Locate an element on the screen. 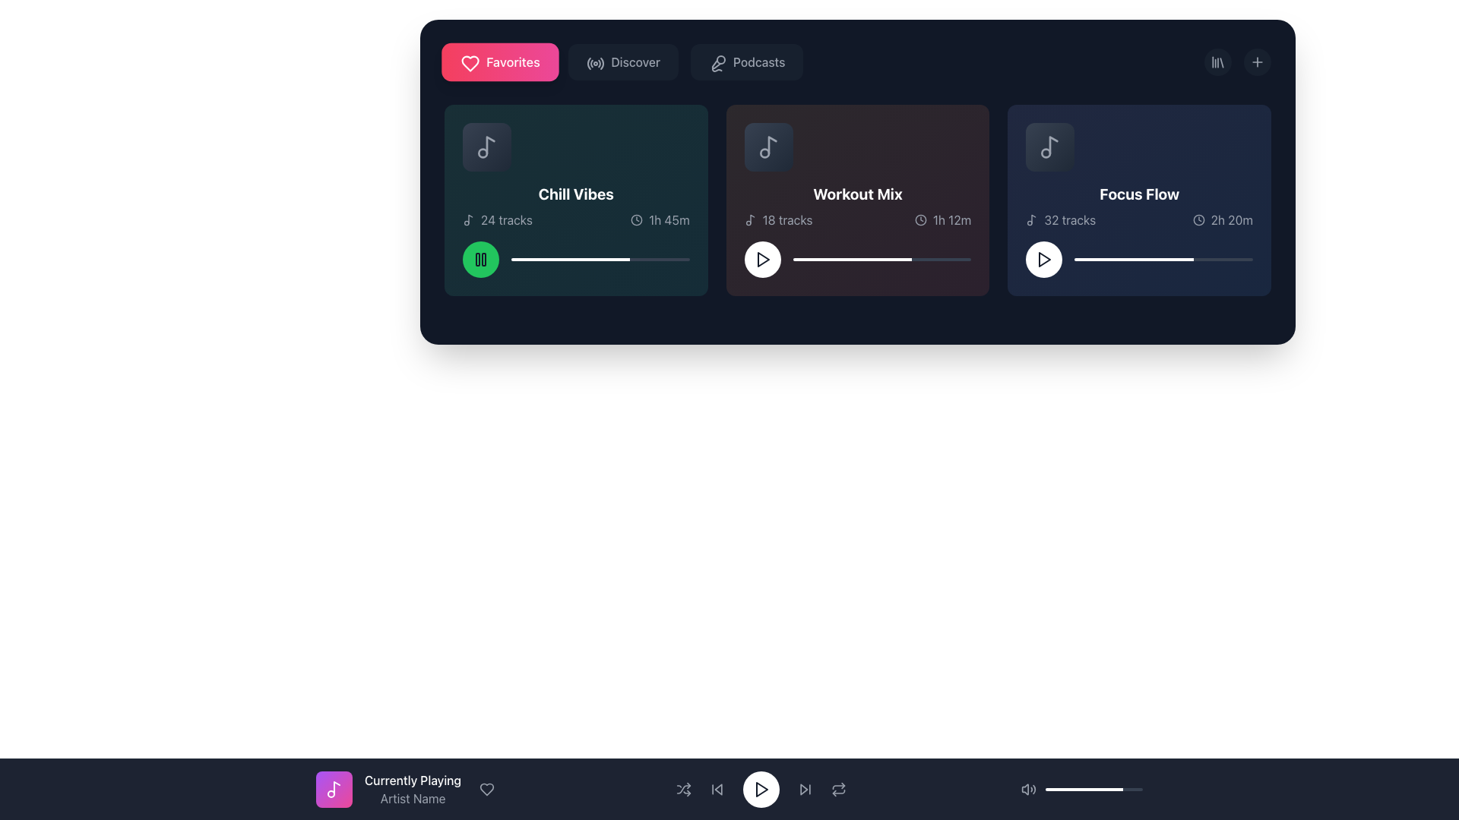  the circular button with a heart icon that changes color on hover, located on the far right of the row containing 'Currently Playing' and 'Artist Name' is located at coordinates (487, 789).